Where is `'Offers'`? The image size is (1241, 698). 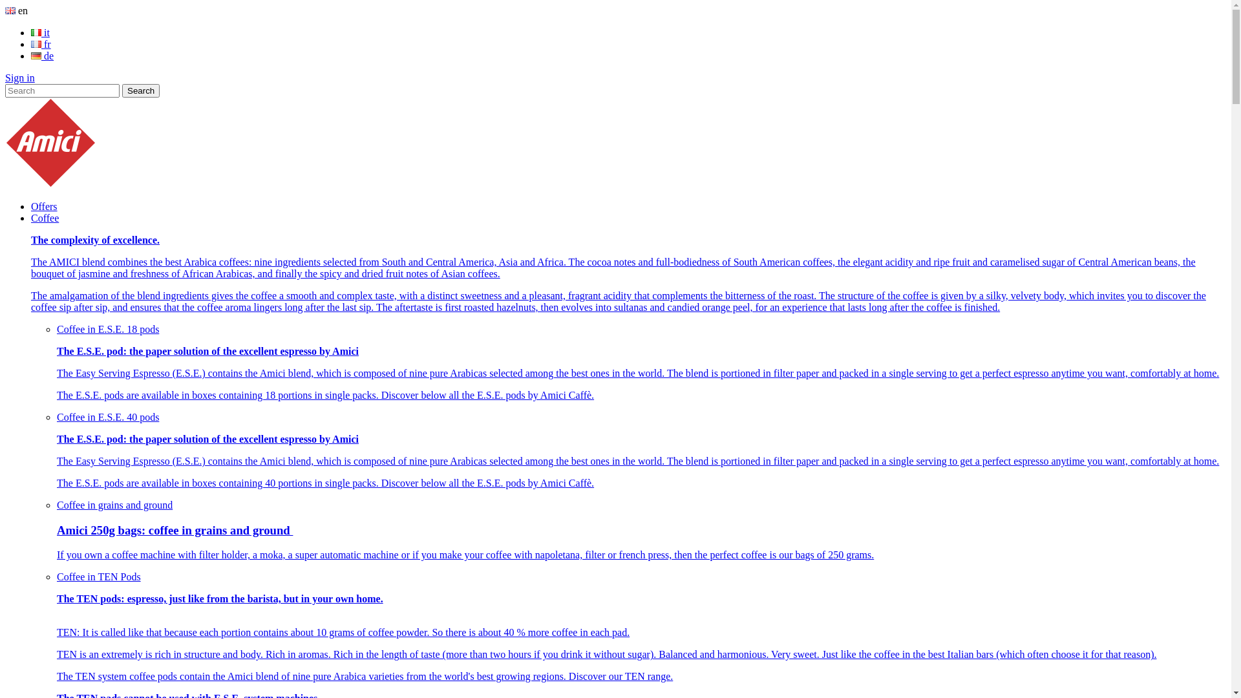 'Offers' is located at coordinates (44, 206).